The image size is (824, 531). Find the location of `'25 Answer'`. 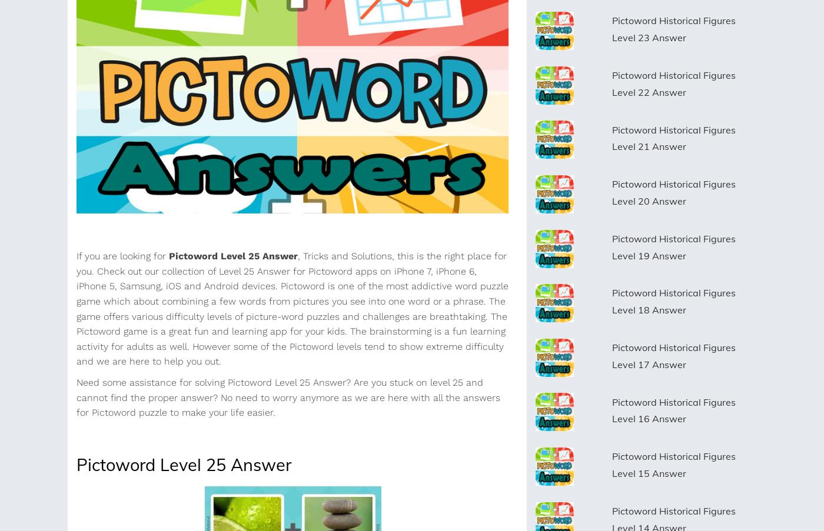

'25 Answer' is located at coordinates (248, 255).